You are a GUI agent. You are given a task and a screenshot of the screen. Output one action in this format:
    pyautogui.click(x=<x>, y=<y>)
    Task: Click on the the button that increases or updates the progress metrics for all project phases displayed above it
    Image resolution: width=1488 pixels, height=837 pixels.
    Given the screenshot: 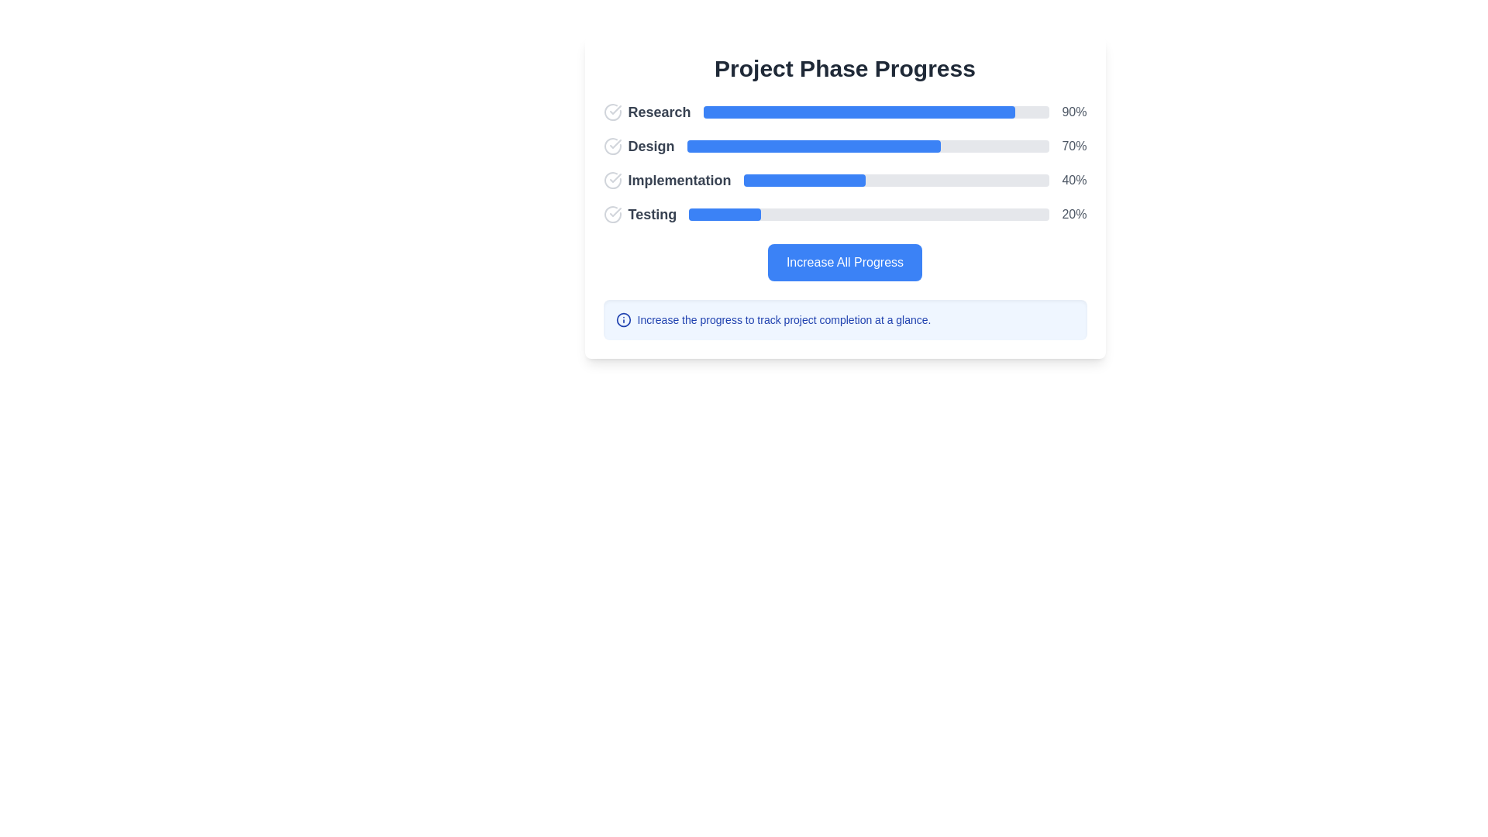 What is the action you would take?
    pyautogui.click(x=844, y=262)
    